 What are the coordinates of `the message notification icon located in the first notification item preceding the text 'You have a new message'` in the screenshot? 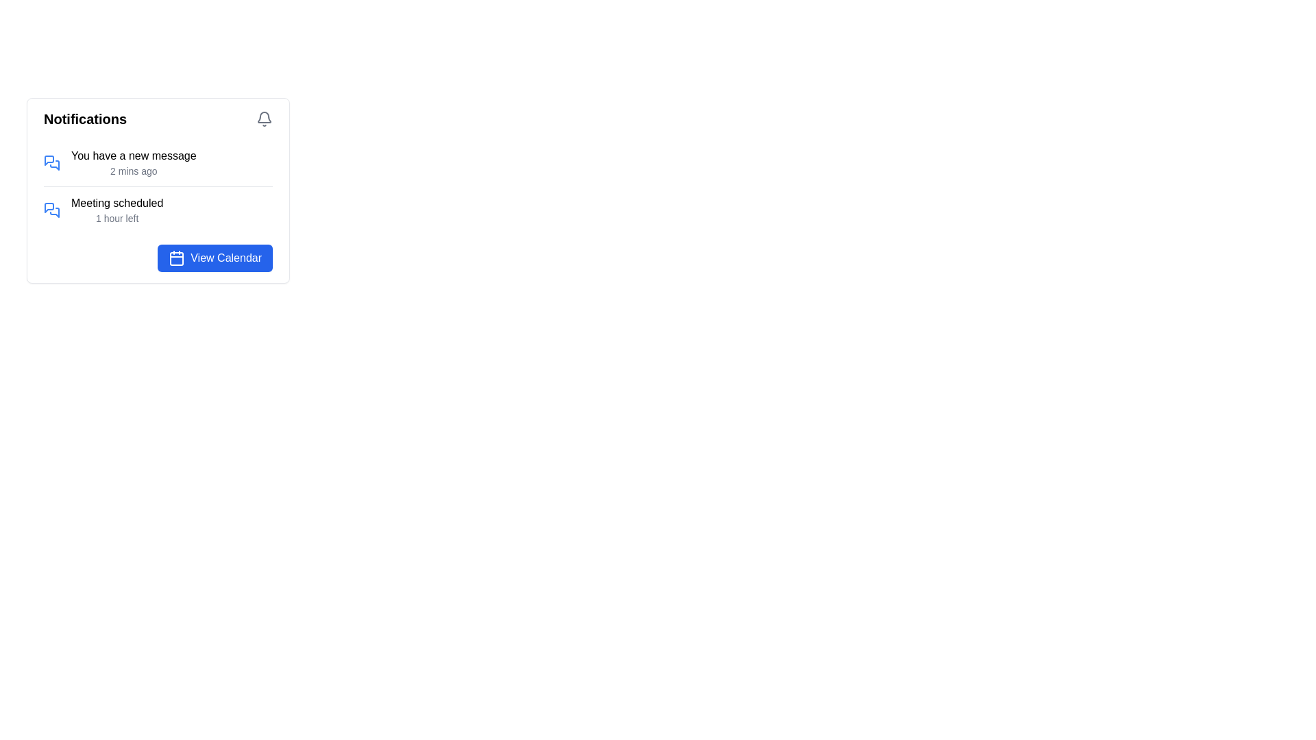 It's located at (52, 162).